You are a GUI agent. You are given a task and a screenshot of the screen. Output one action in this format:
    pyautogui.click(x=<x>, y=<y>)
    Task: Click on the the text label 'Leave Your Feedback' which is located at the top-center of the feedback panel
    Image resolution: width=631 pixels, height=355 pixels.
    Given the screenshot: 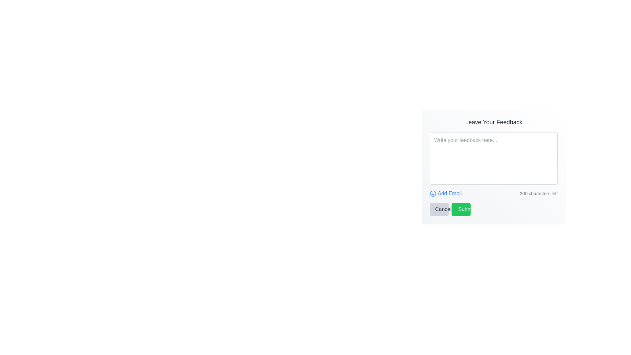 What is the action you would take?
    pyautogui.click(x=494, y=122)
    